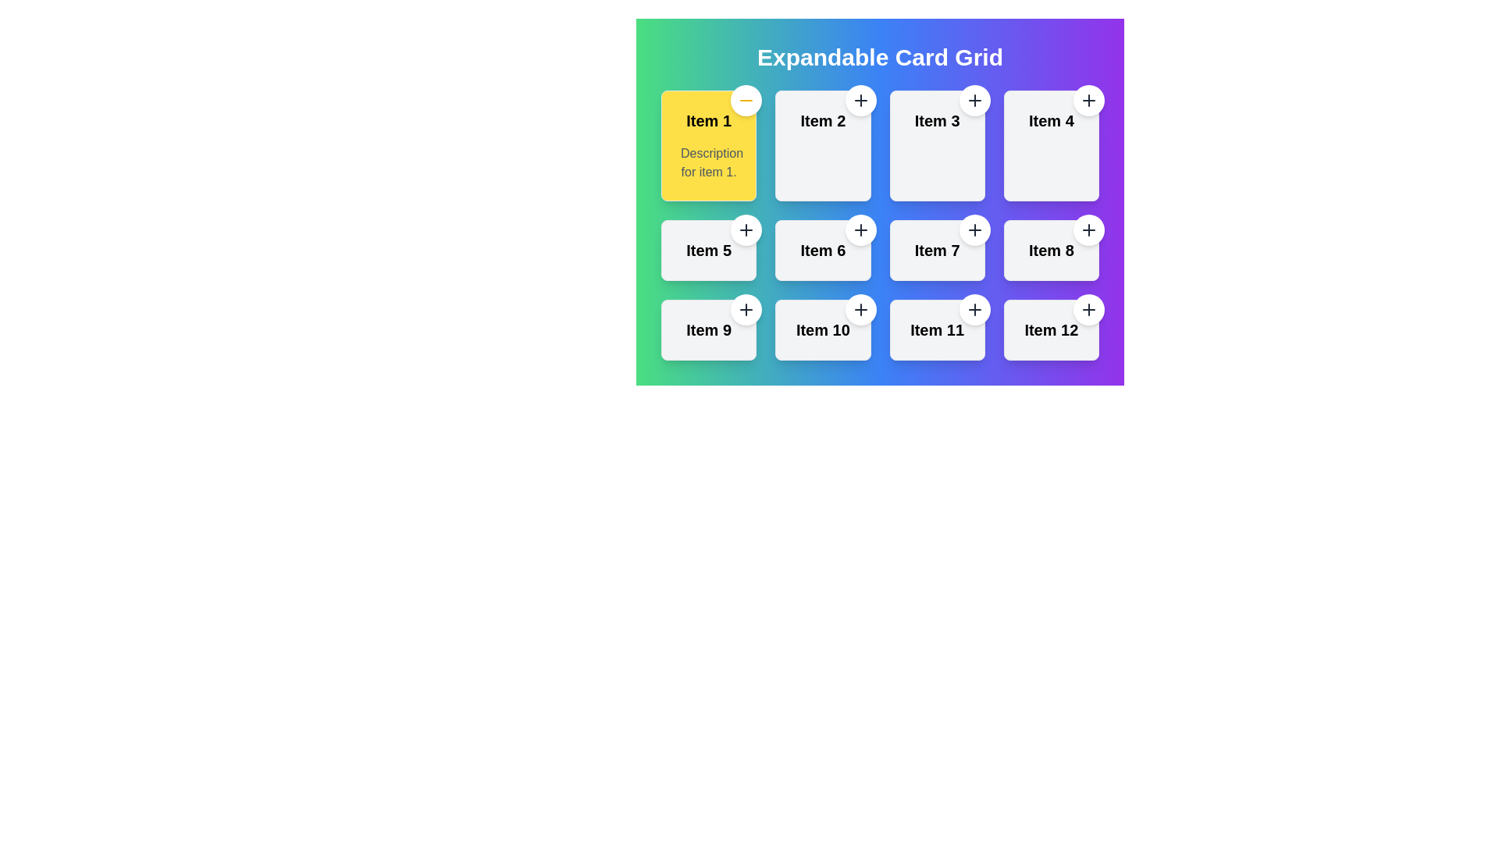 The image size is (1499, 843). I want to click on the displayed text in the text label that identifies the twelfth card in a 4x3 grid layout, so click(1051, 329).